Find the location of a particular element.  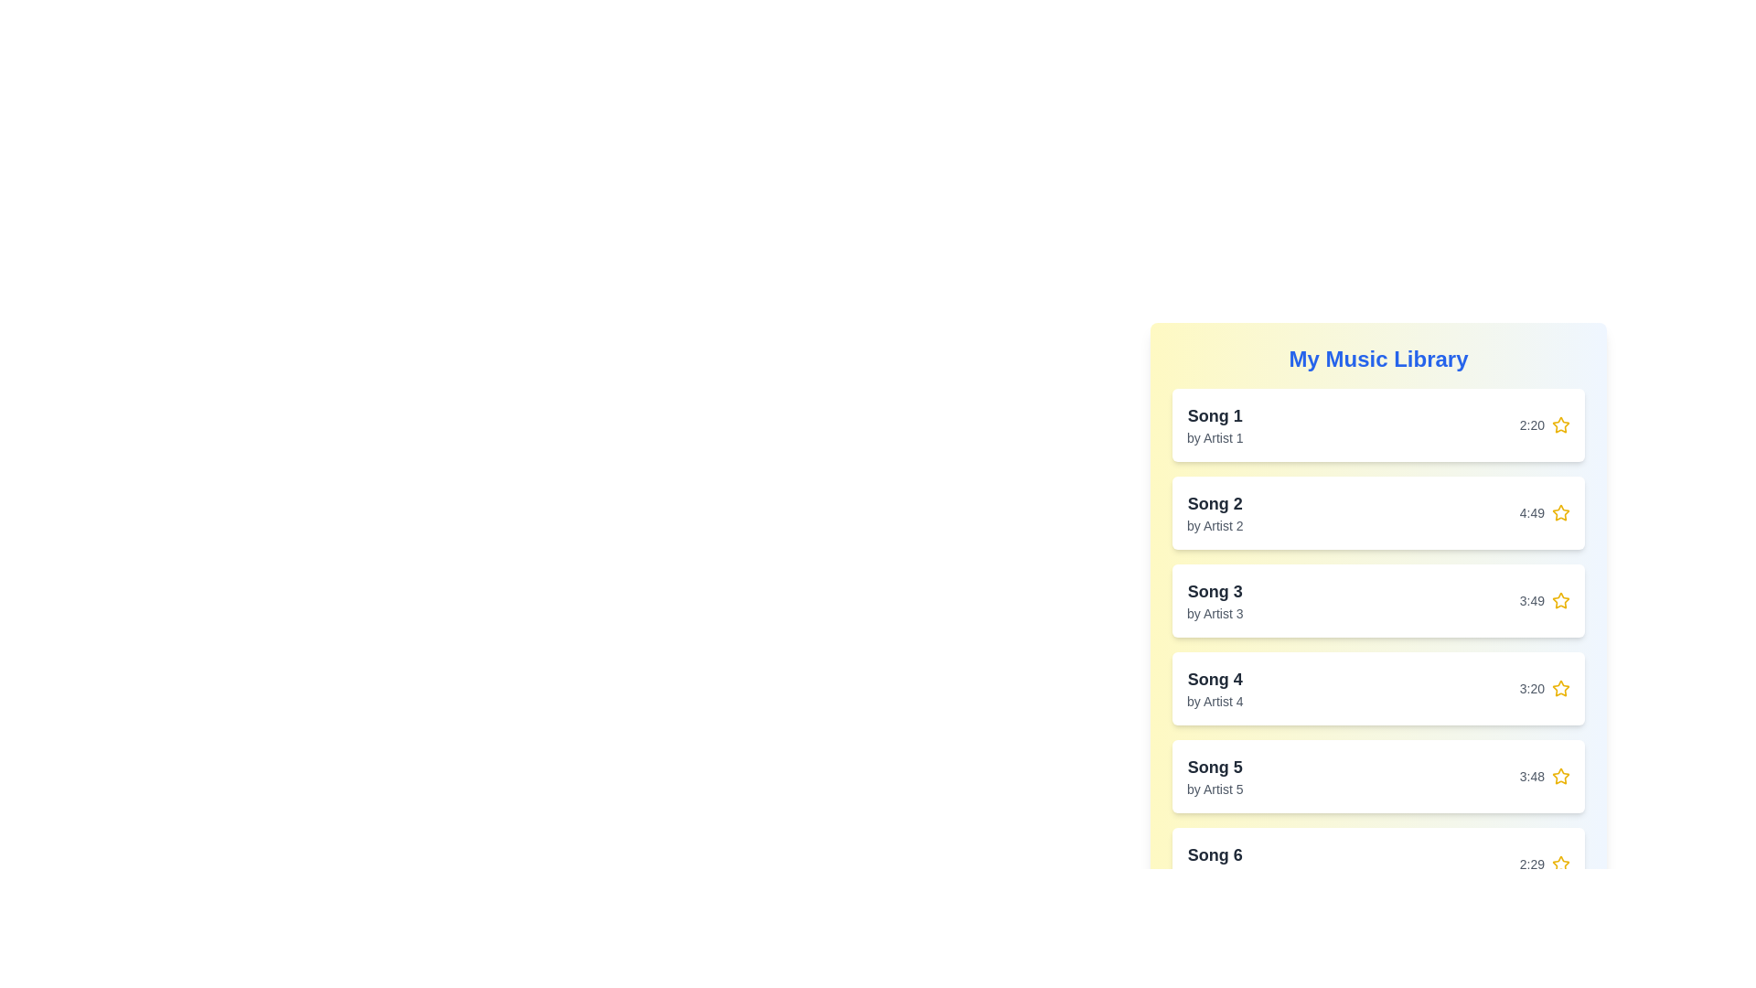

the 'Song 5' text display, which is the primary title in the song entry card located at the fifth position in a vertical list is located at coordinates (1215, 768).